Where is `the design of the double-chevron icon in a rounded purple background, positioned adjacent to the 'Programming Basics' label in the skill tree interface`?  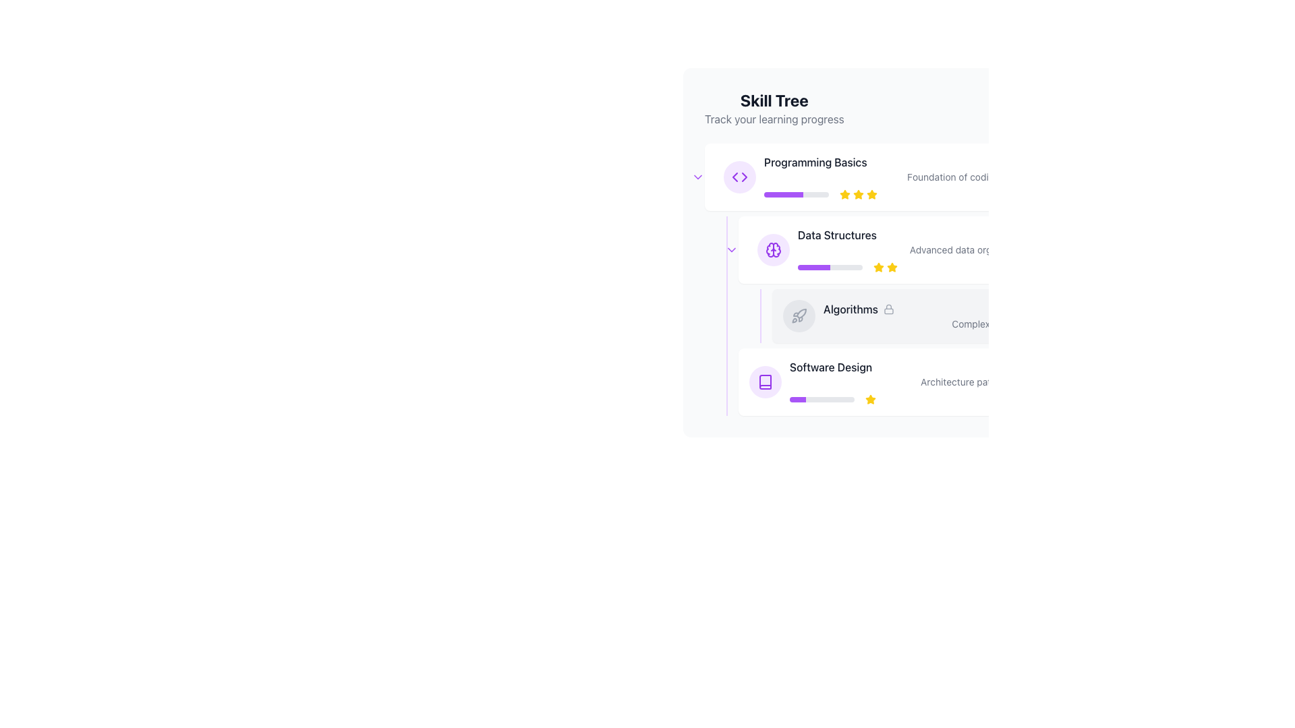 the design of the double-chevron icon in a rounded purple background, positioned adjacent to the 'Programming Basics' label in the skill tree interface is located at coordinates (739, 176).